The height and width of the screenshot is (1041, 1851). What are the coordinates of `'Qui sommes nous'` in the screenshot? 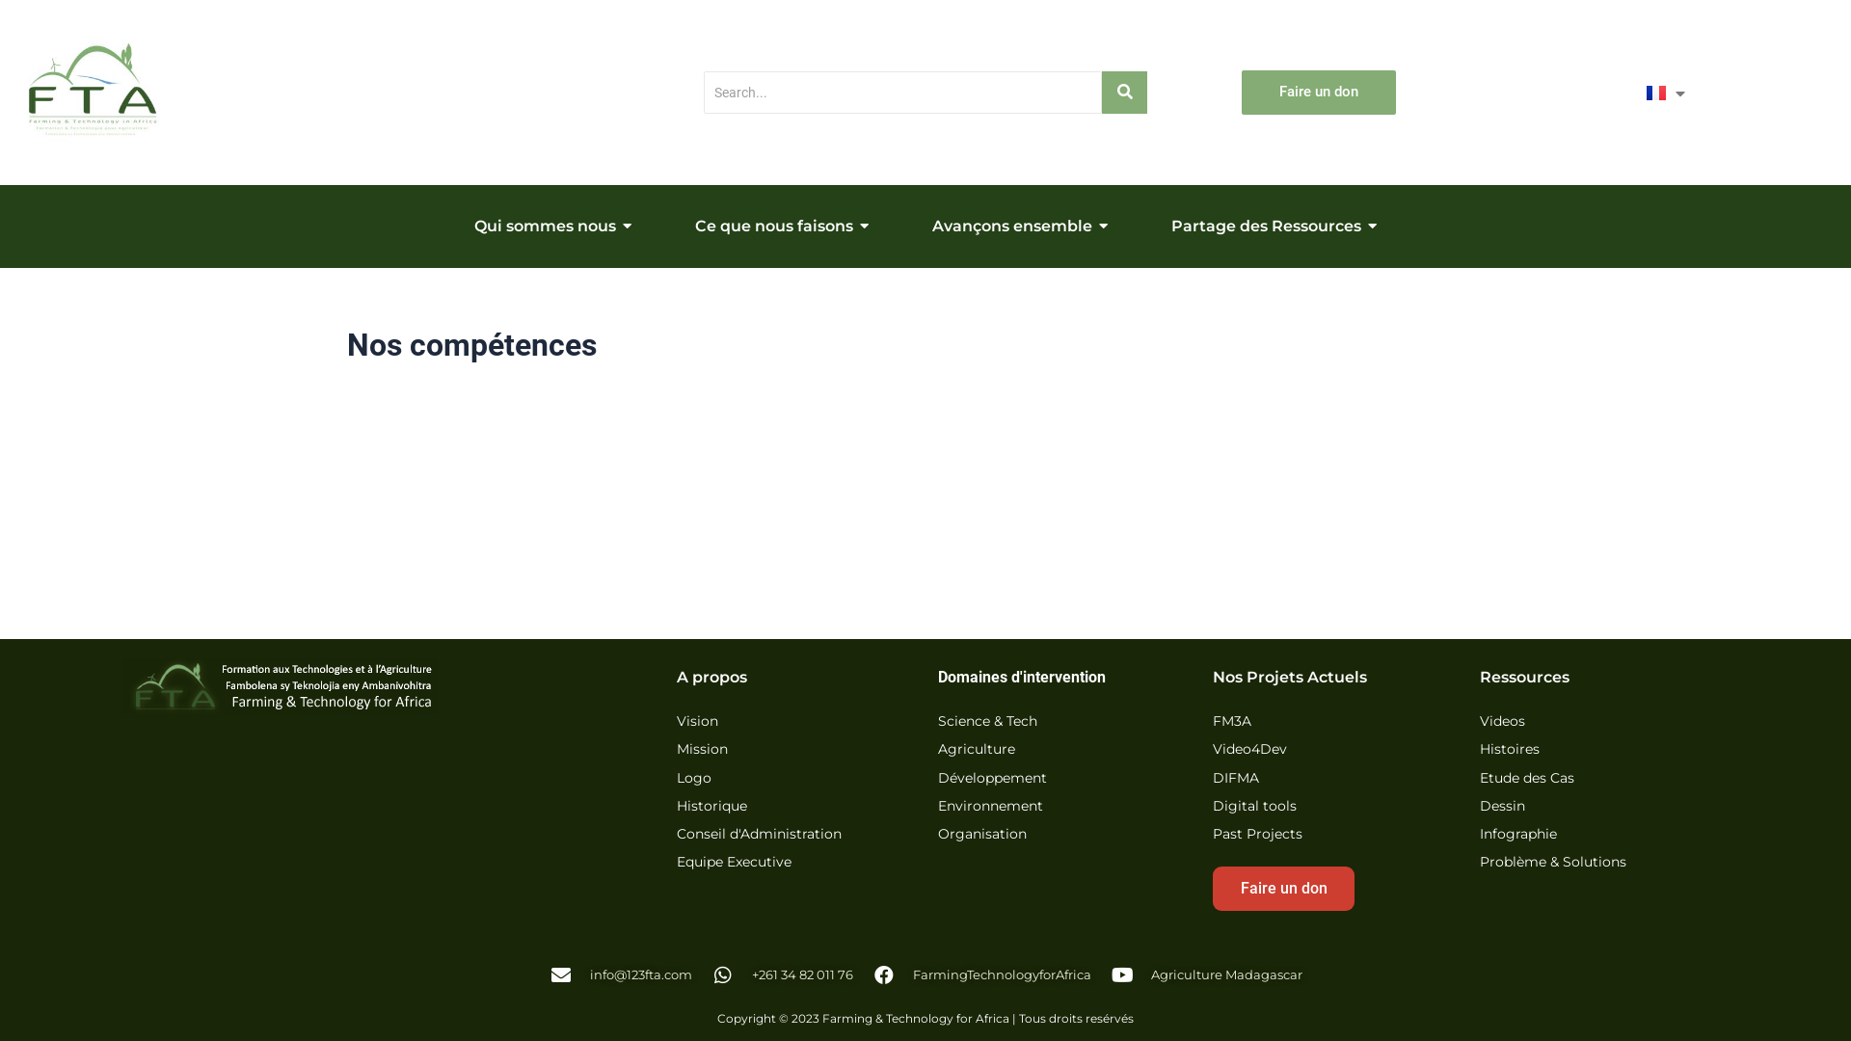 It's located at (451, 226).